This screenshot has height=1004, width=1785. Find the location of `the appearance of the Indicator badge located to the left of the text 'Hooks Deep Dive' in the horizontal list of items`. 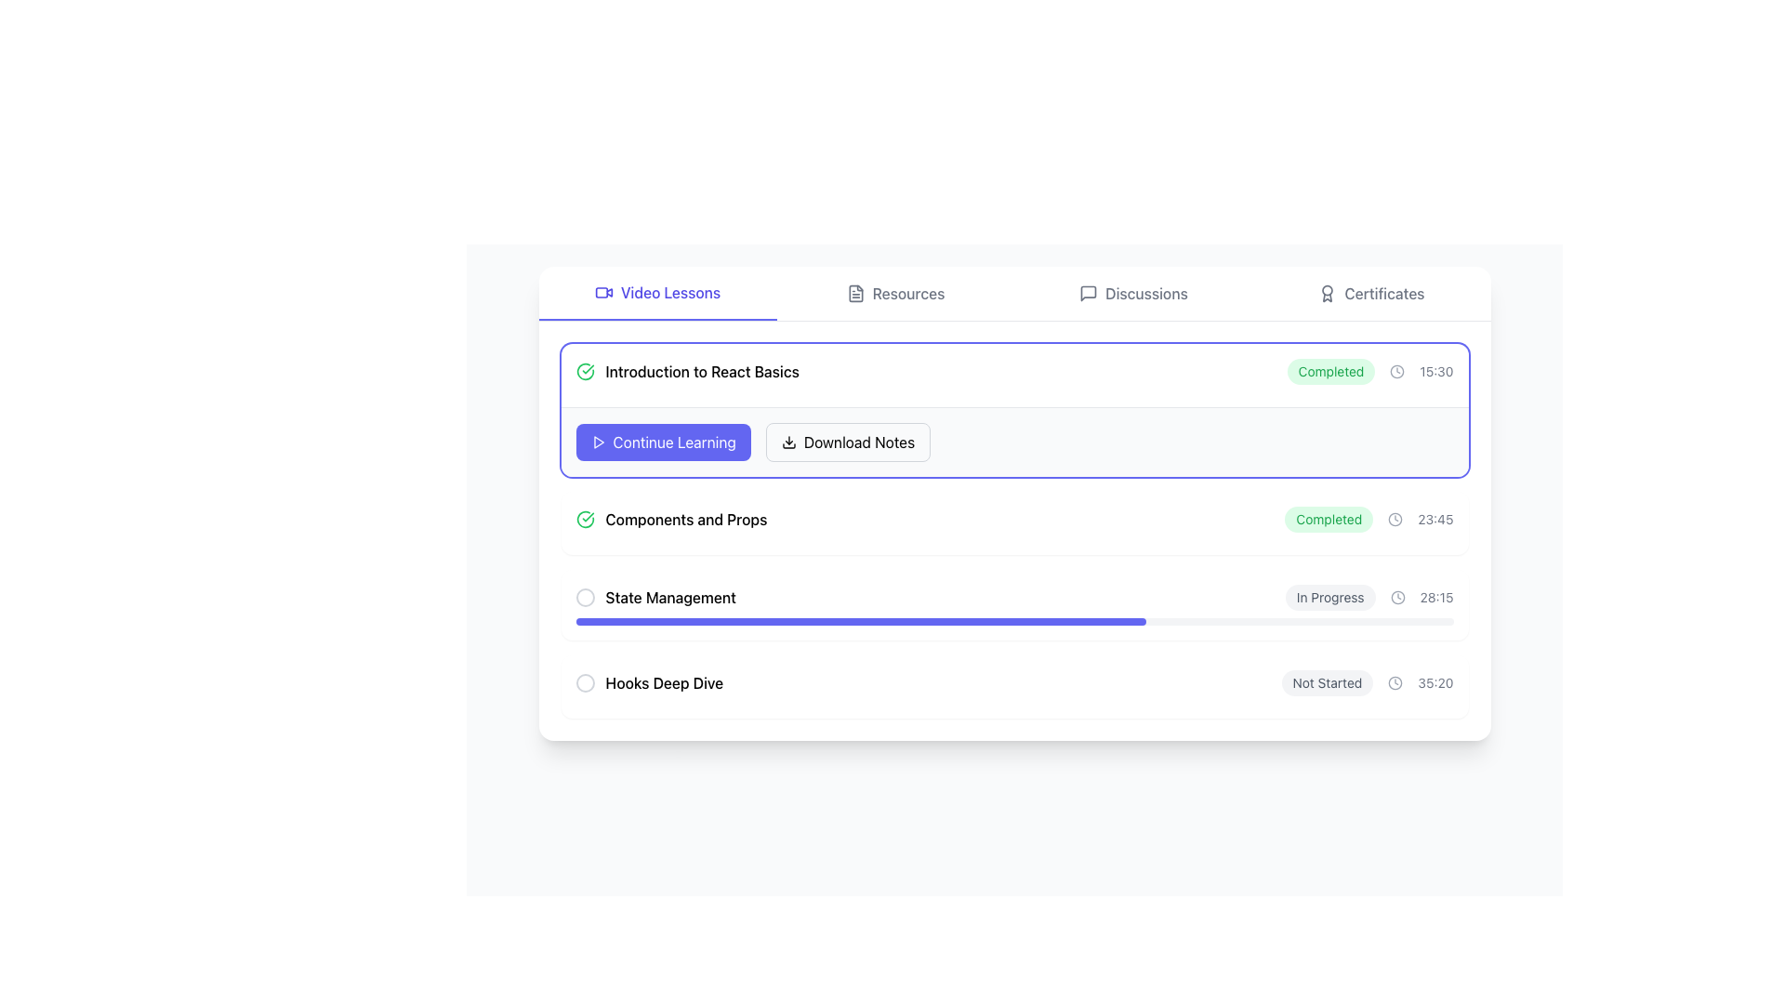

the appearance of the Indicator badge located to the left of the text 'Hooks Deep Dive' in the horizontal list of items is located at coordinates (584, 683).